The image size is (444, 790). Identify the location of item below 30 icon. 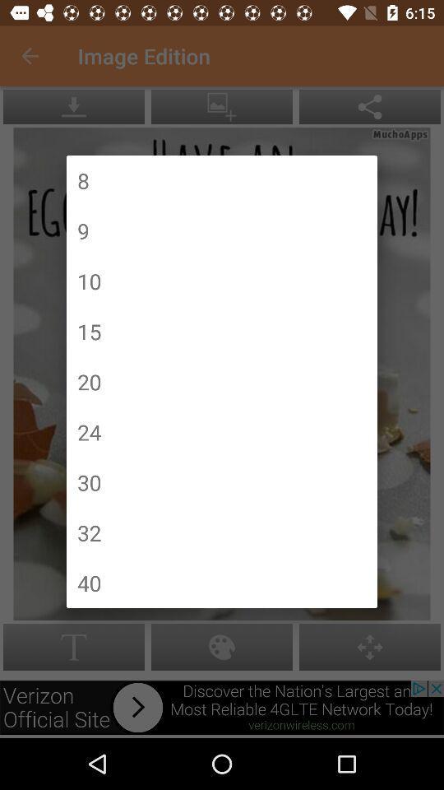
(89, 532).